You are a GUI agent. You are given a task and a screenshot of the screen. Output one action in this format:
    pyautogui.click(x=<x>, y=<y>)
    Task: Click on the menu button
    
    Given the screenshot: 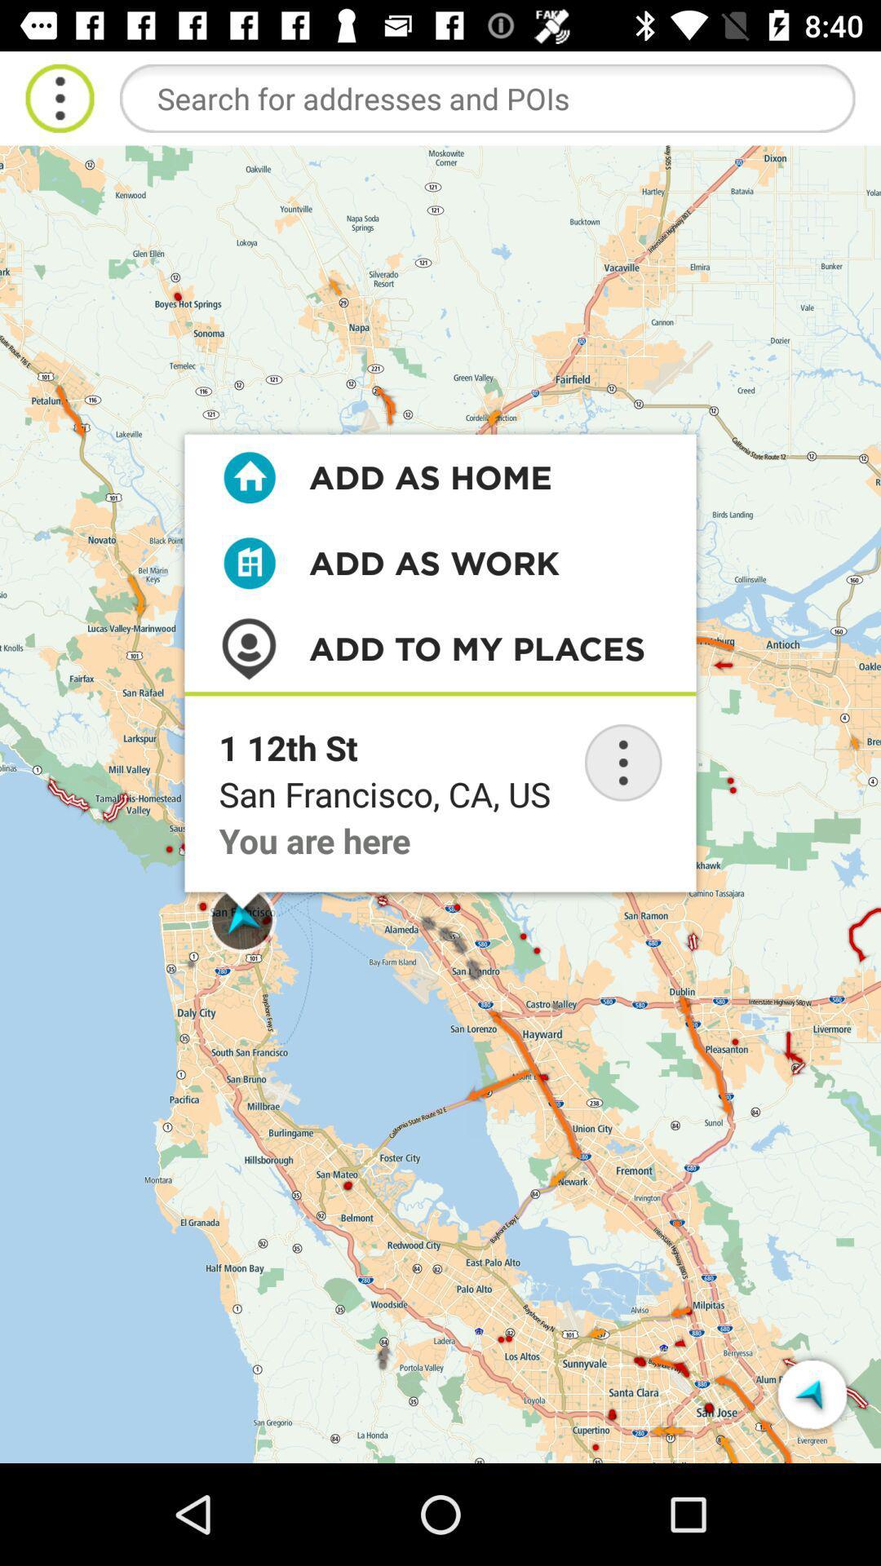 What is the action you would take?
    pyautogui.click(x=623, y=762)
    